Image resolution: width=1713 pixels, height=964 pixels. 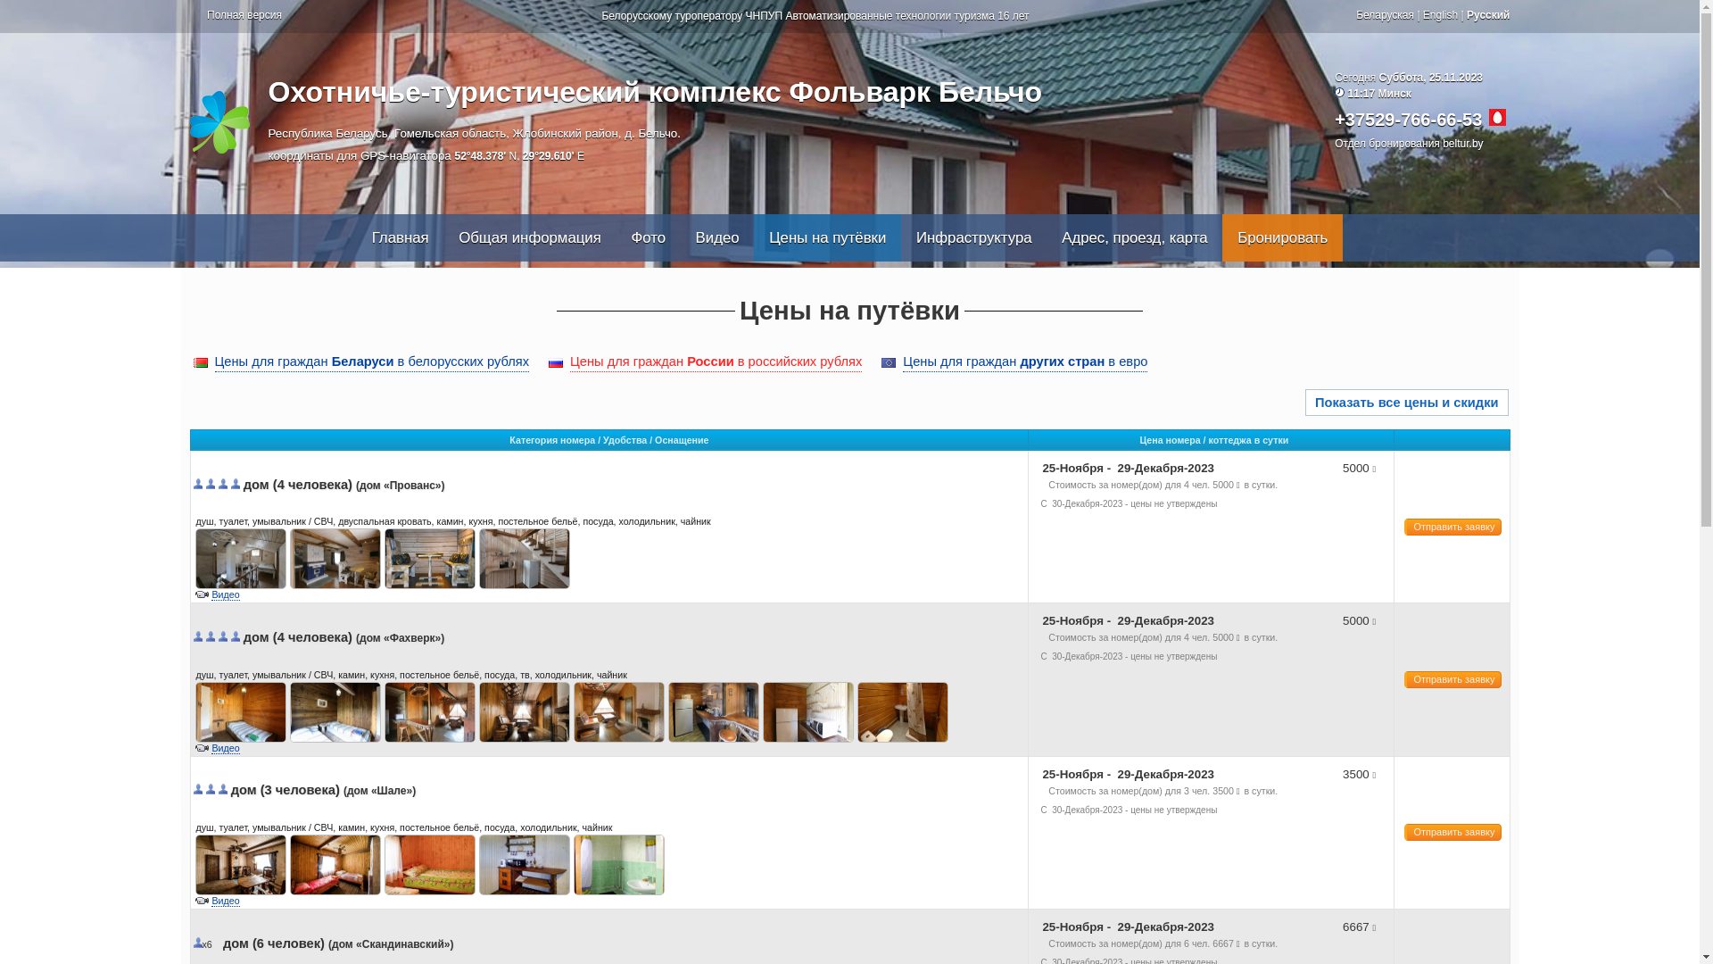 I want to click on '+37529-766-66-53', so click(x=1407, y=120).